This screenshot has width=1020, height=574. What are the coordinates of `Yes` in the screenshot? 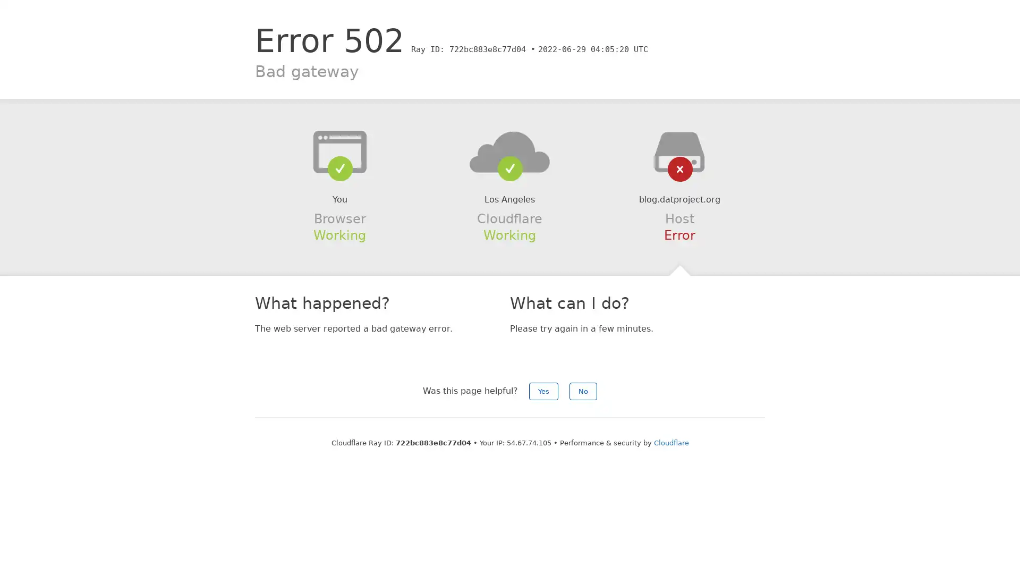 It's located at (543, 391).